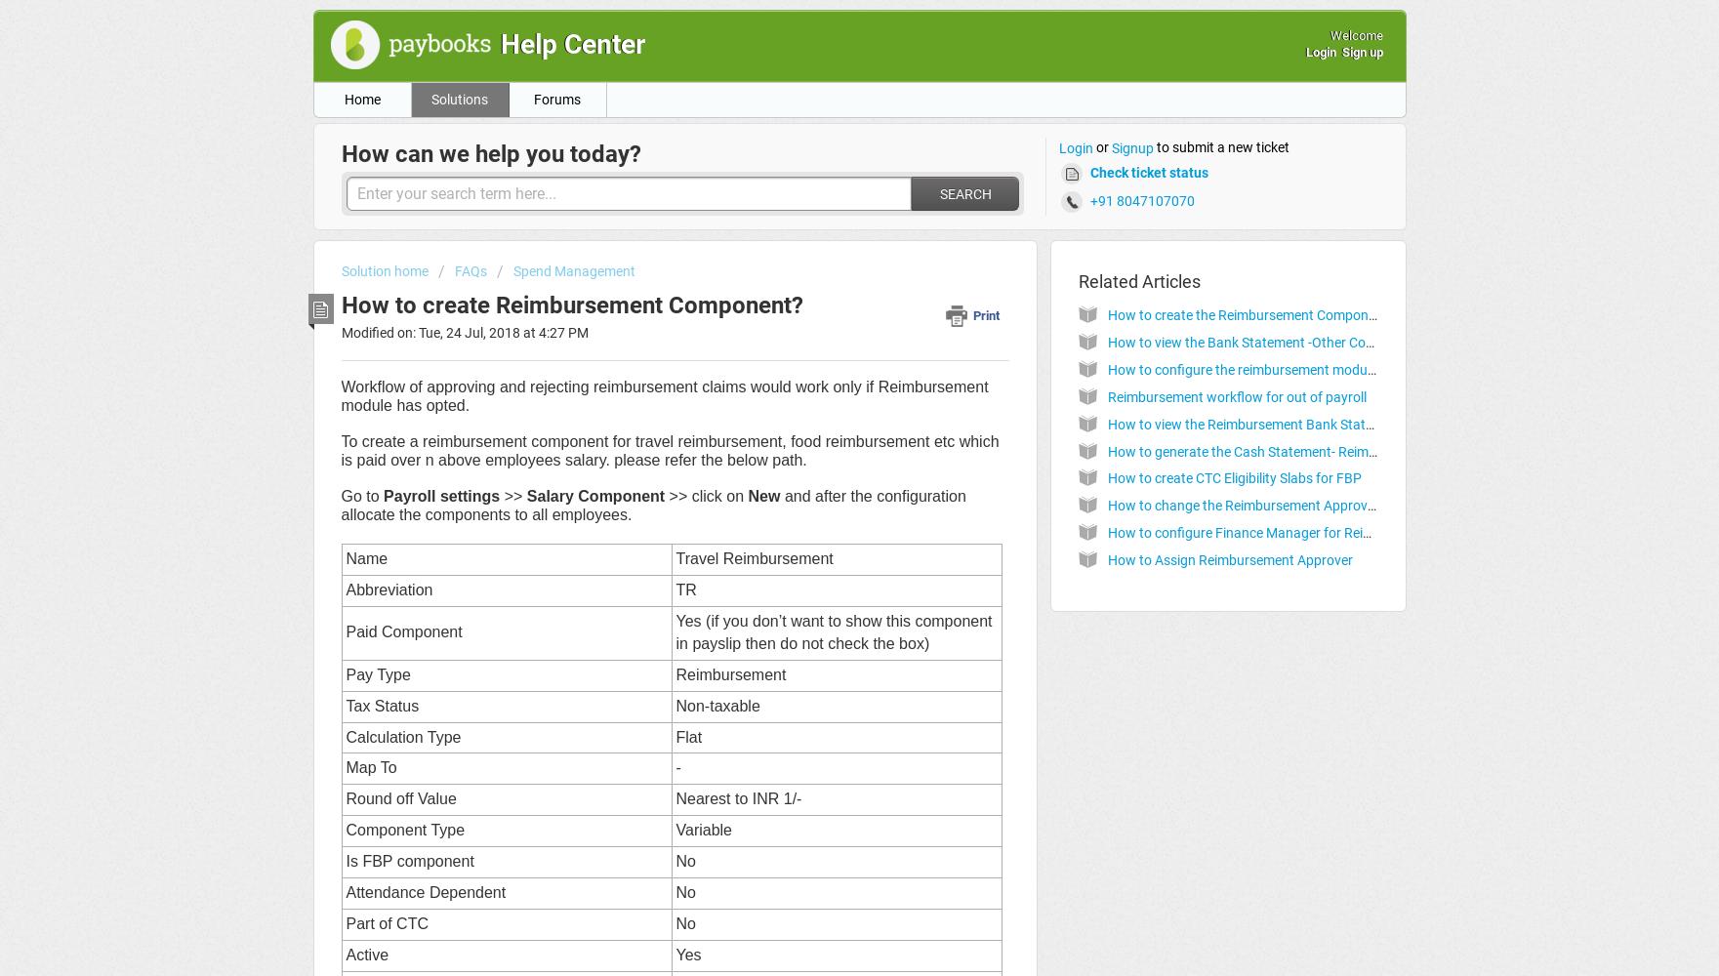 This screenshot has width=1719, height=976. Describe the element at coordinates (1267, 342) in the screenshot. I see `'How to view the Bank Statement -Other Components'` at that location.